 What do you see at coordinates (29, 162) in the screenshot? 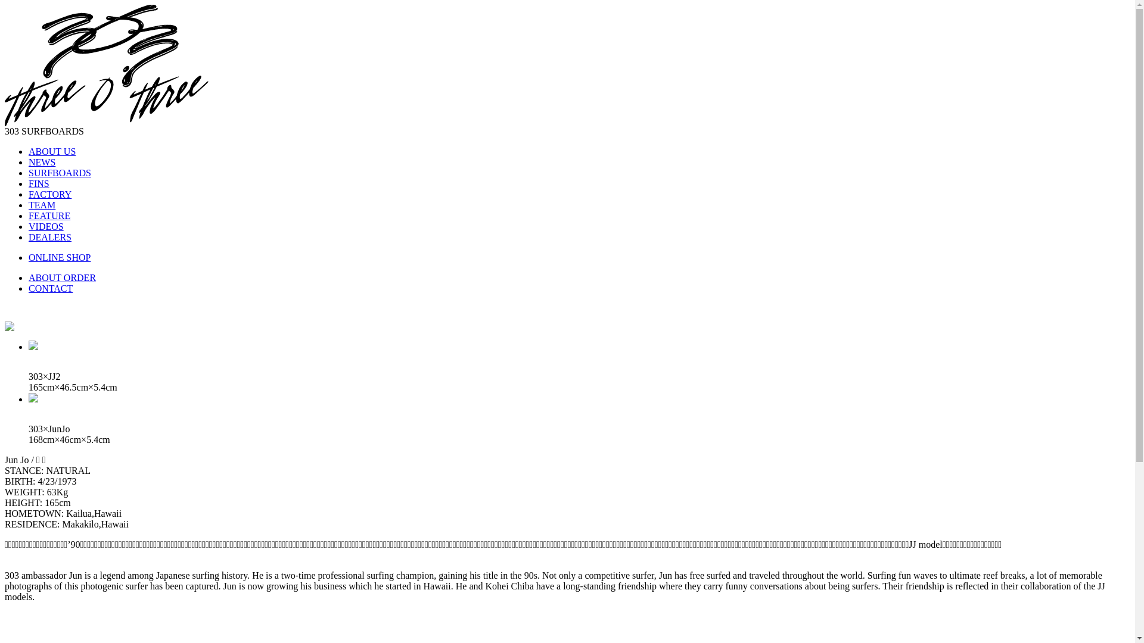
I see `'NEWS'` at bounding box center [29, 162].